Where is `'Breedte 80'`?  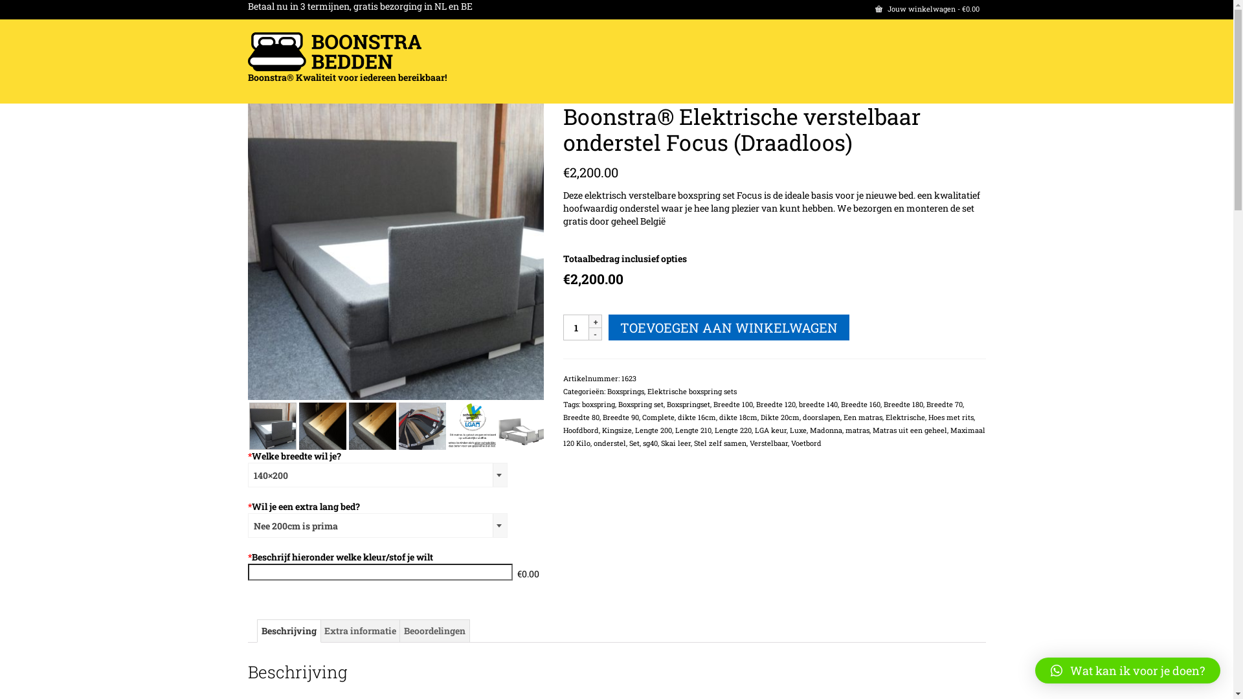
'Breedte 80' is located at coordinates (580, 417).